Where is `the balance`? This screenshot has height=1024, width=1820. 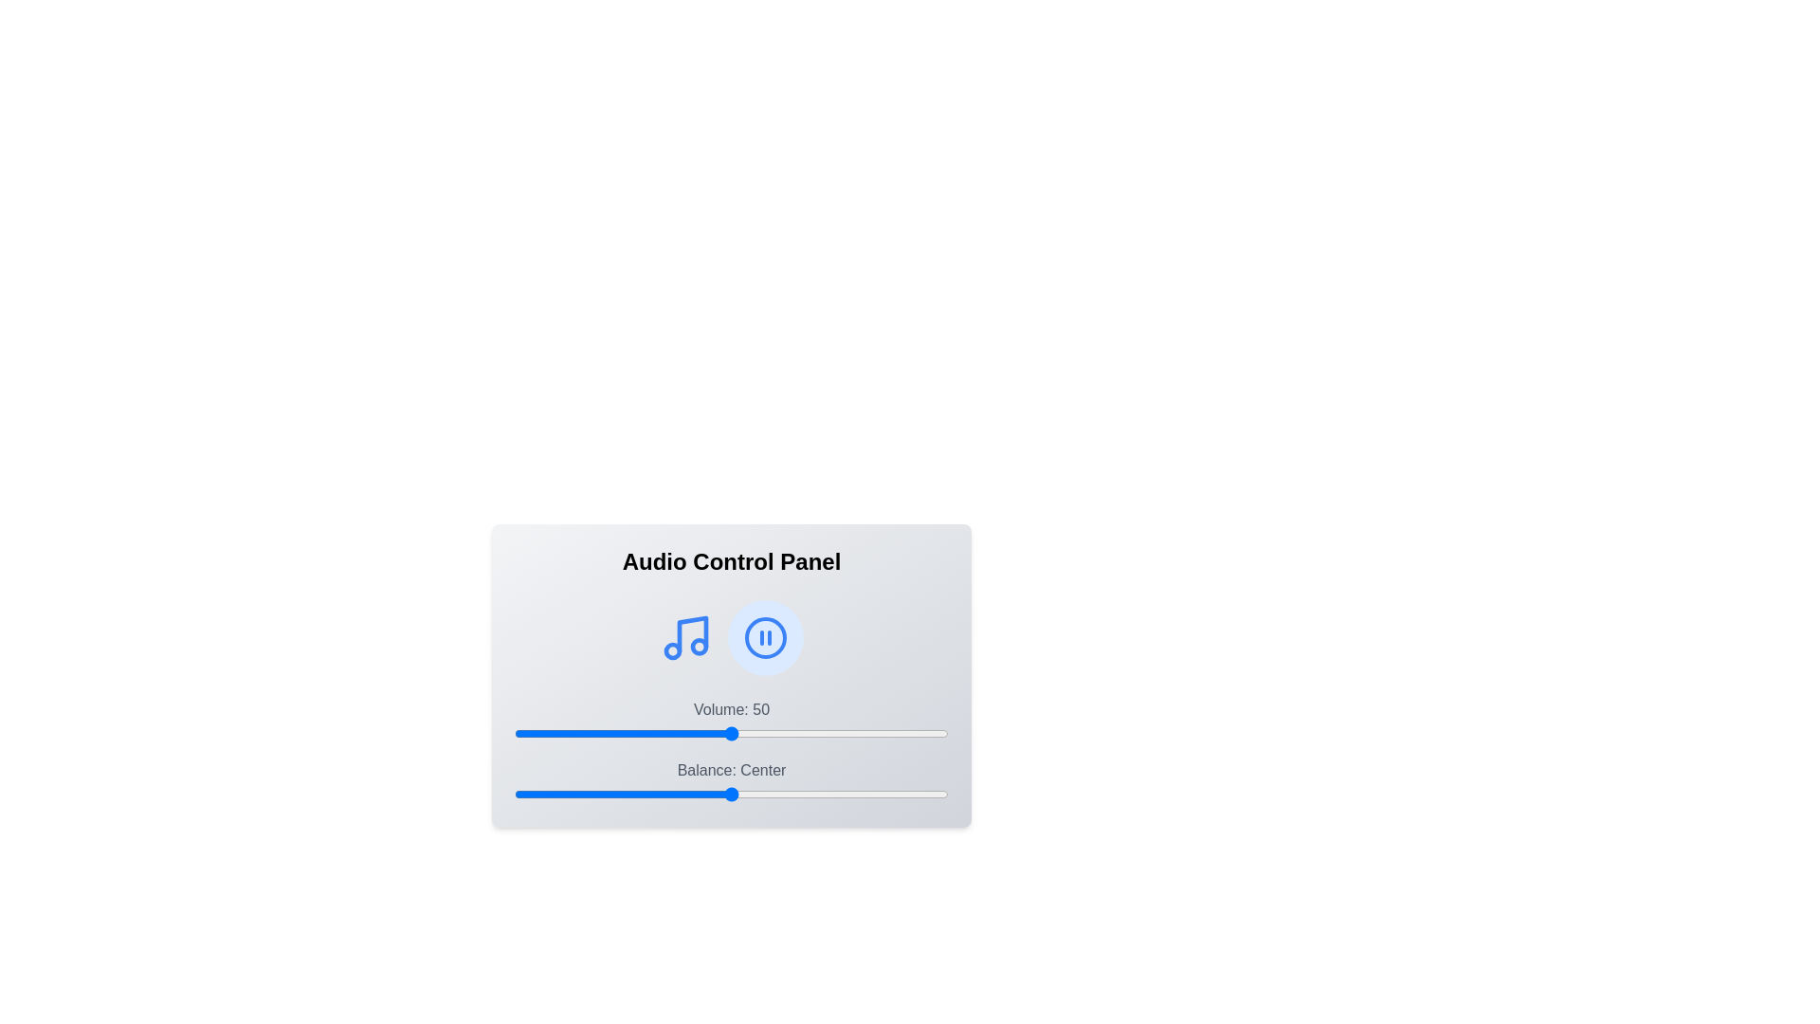
the balance is located at coordinates (779, 794).